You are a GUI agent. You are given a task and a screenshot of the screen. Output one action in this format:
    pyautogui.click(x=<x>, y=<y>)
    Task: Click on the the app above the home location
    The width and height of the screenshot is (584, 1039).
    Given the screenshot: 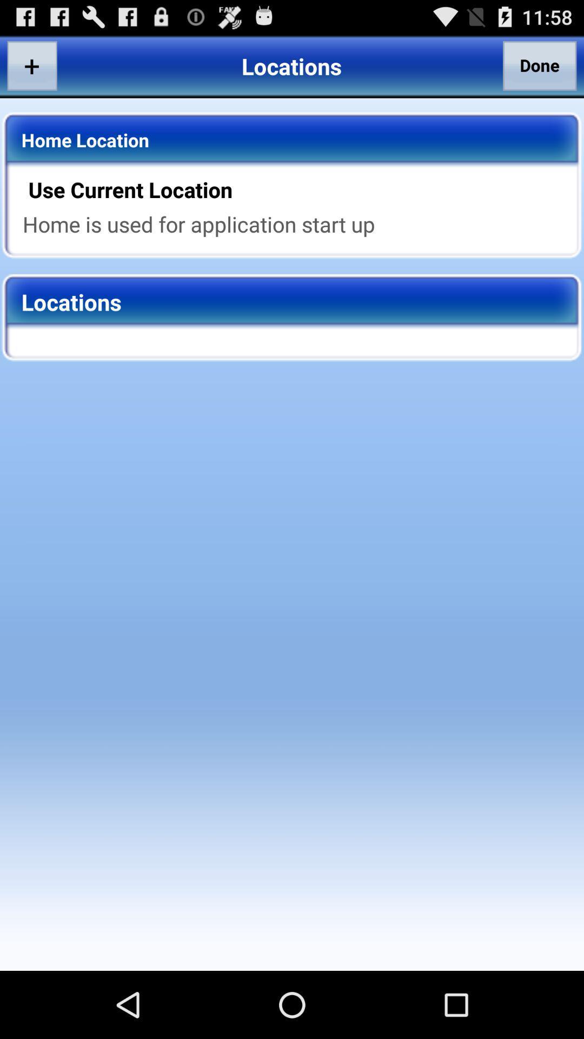 What is the action you would take?
    pyautogui.click(x=31, y=65)
    